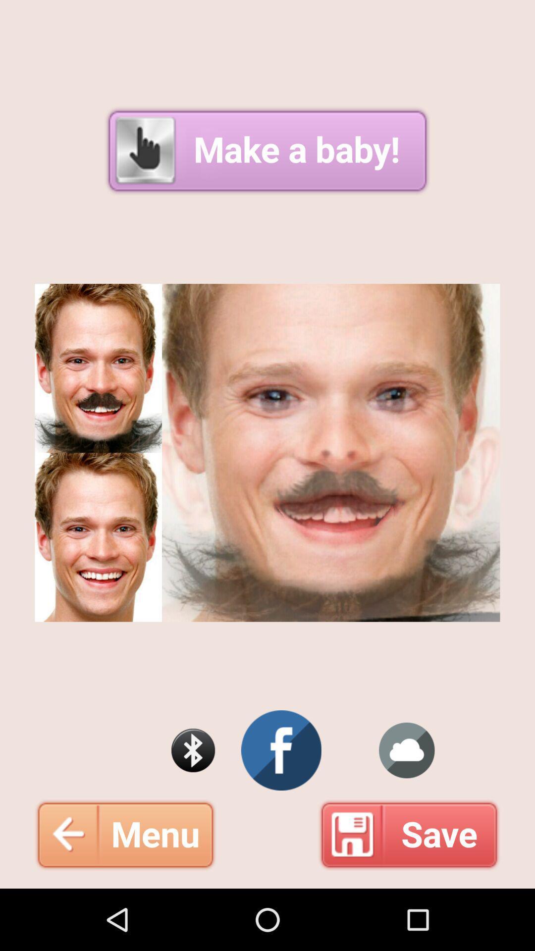 This screenshot has height=951, width=535. What do you see at coordinates (281, 750) in the screenshot?
I see `facebook button` at bounding box center [281, 750].